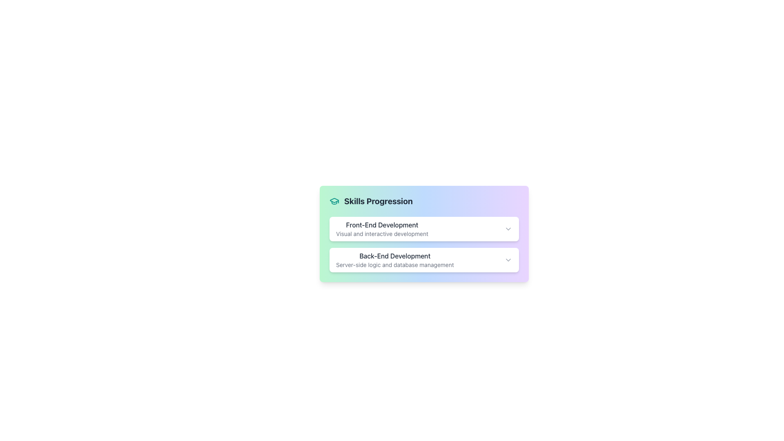  Describe the element at coordinates (378, 201) in the screenshot. I see `text from the 'Skills Progression' text block, which is a bold and large gray font element located to the right of a graduation cap icon` at that location.